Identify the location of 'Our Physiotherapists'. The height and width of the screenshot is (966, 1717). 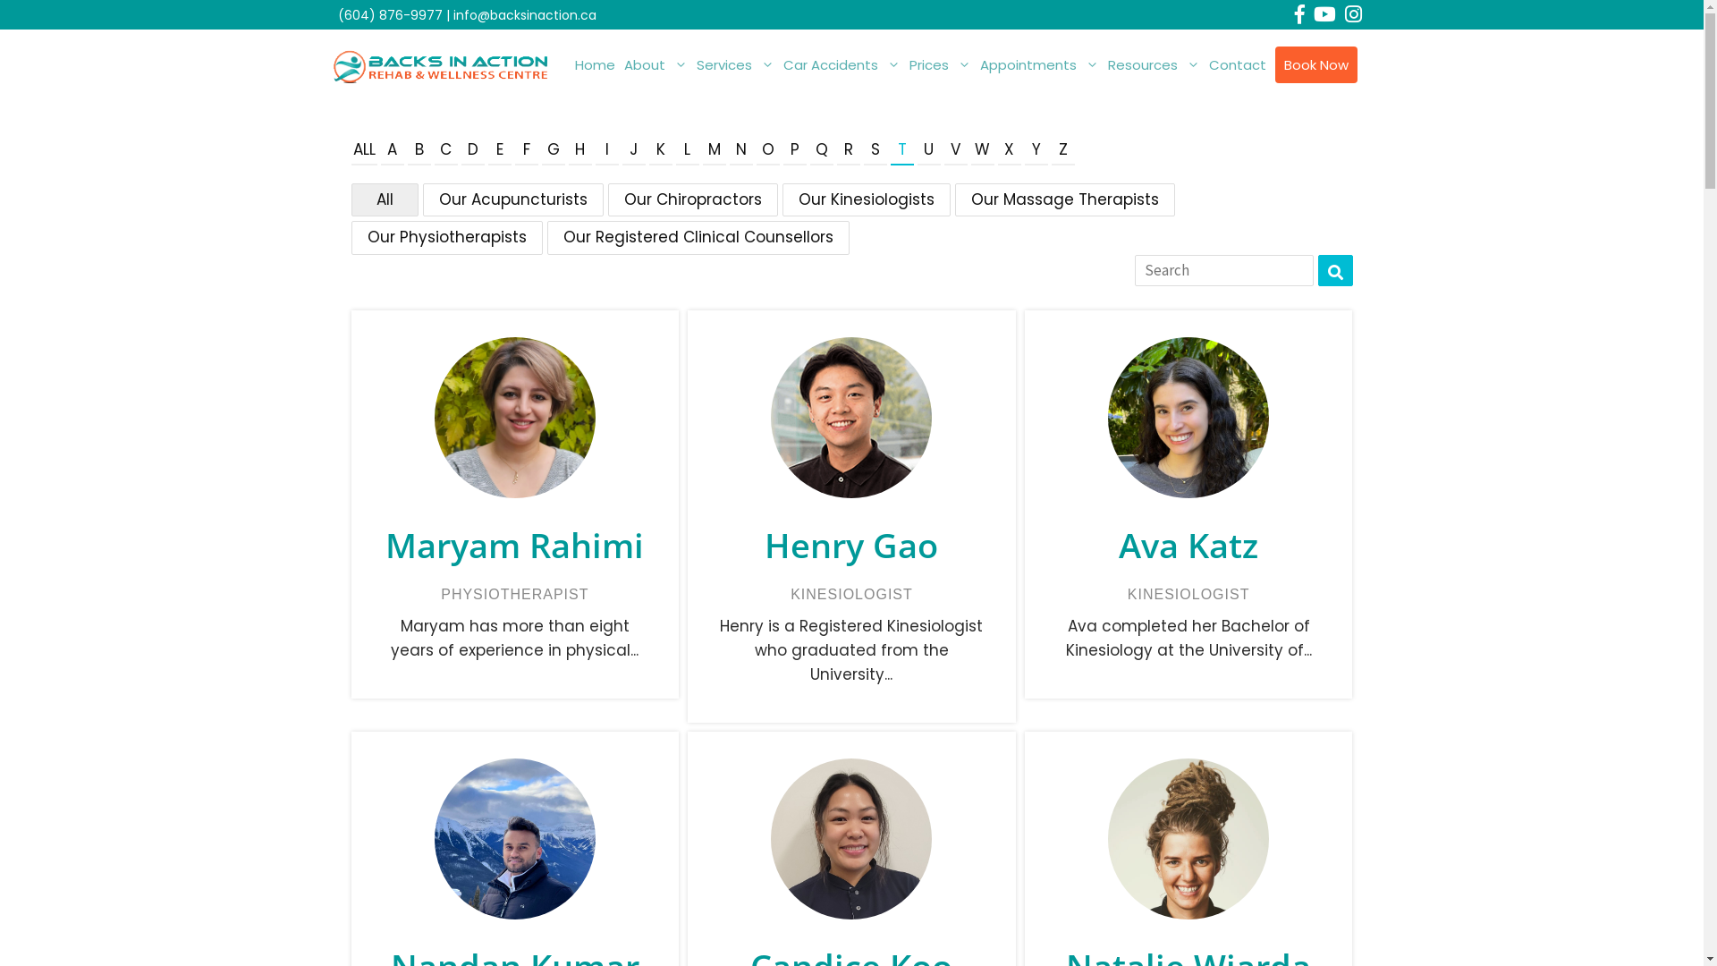
(446, 236).